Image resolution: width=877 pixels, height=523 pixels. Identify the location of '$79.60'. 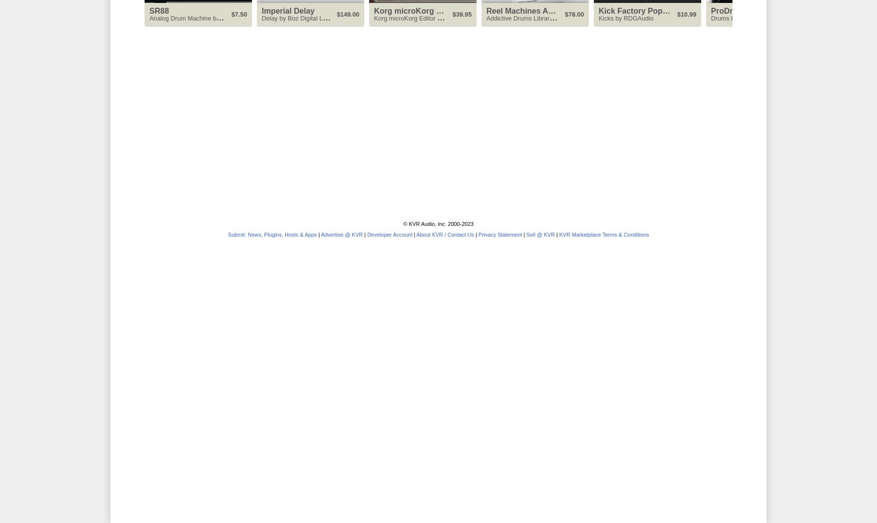
(798, 14).